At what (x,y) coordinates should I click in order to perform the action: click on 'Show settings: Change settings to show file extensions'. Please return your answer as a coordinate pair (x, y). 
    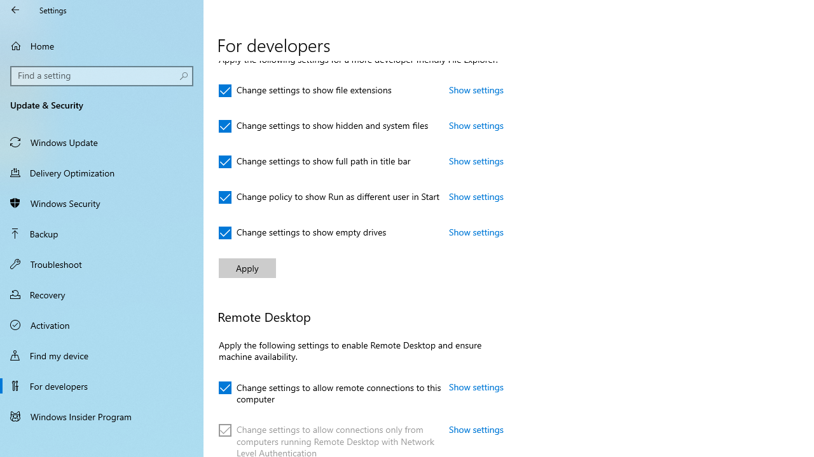
    Looking at the image, I should click on (476, 89).